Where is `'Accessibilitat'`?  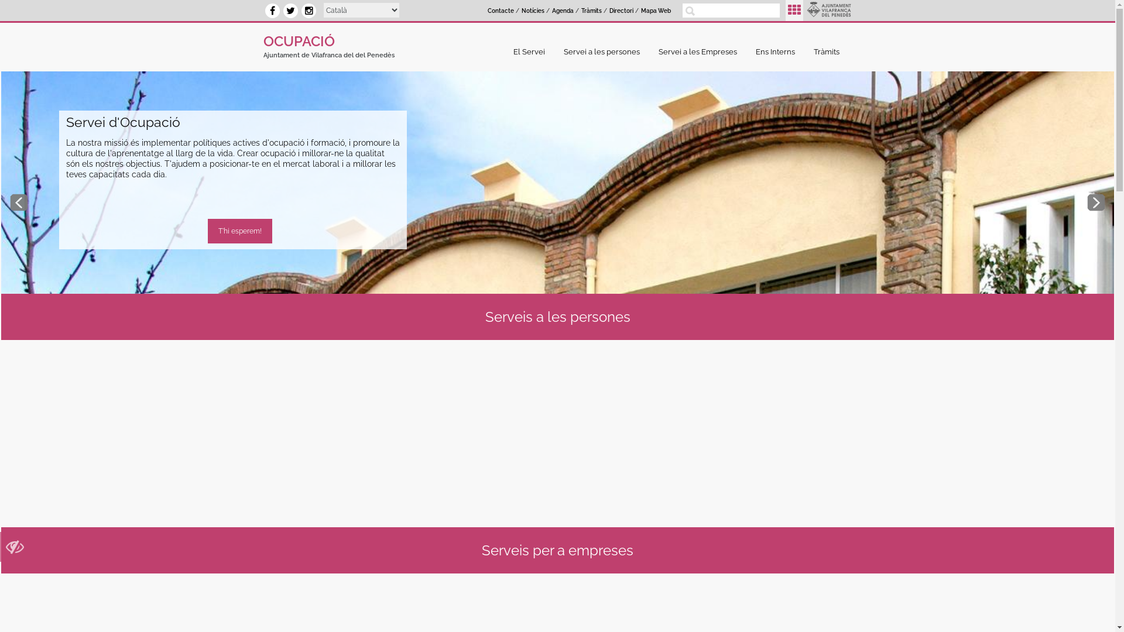
'Accessibilitat' is located at coordinates (15, 549).